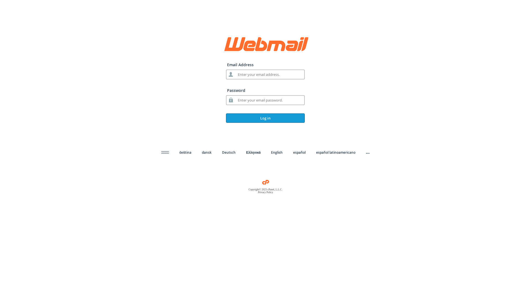 This screenshot has width=531, height=298. Describe the element at coordinates (265, 192) in the screenshot. I see `'Privacy Policy'` at that location.